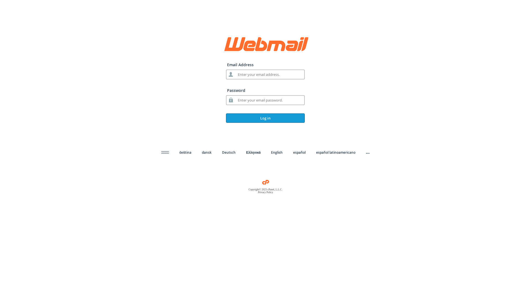 This screenshot has width=531, height=298. Describe the element at coordinates (265, 192) in the screenshot. I see `'Privacy Policy'` at that location.